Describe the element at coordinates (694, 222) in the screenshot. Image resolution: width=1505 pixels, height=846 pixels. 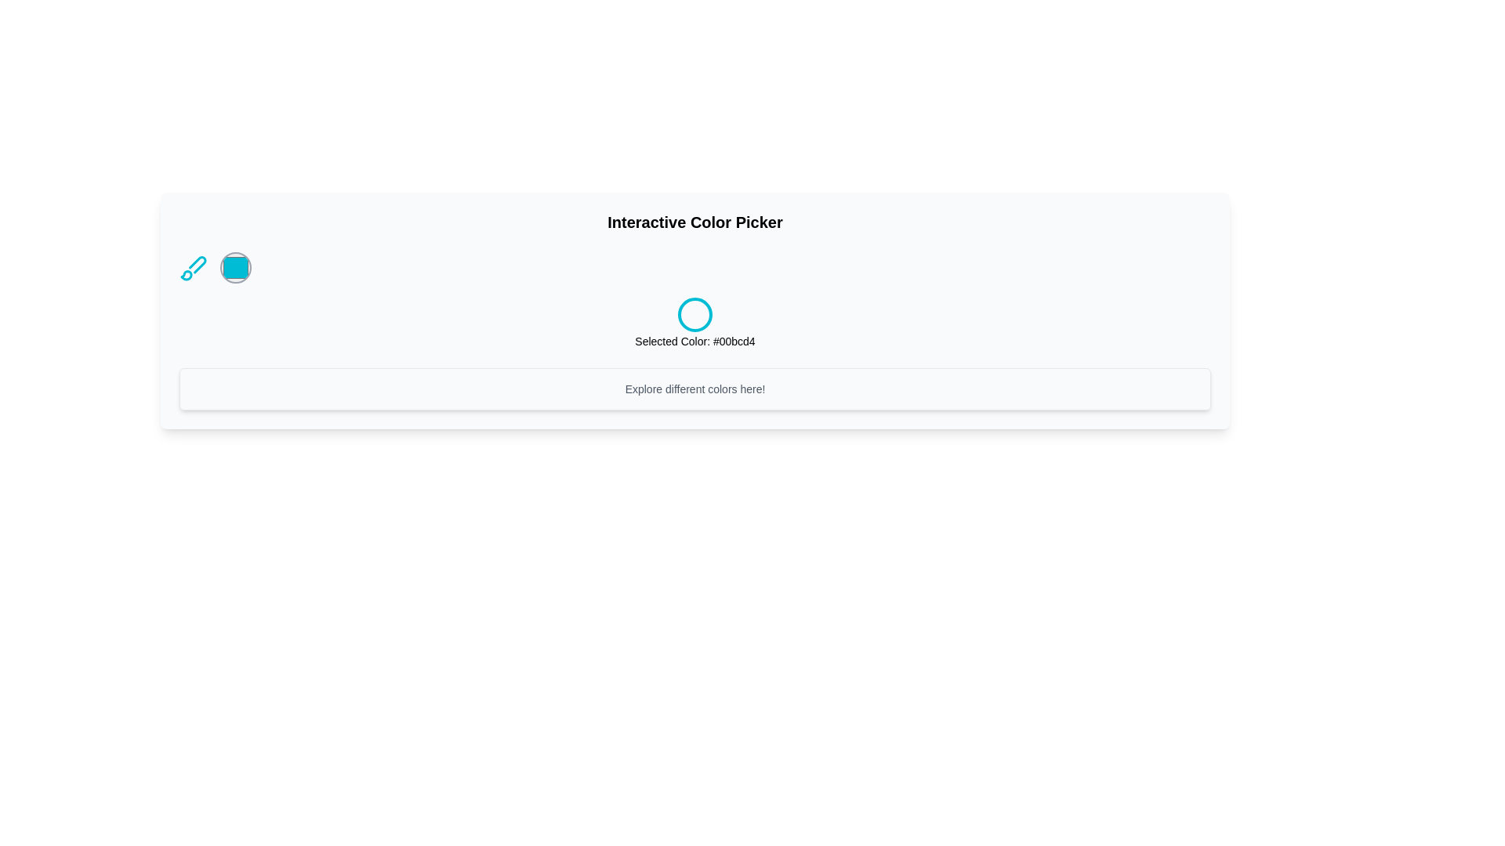
I see `text label at the top of the card layout that provides context for the interactive color selection feature` at that location.